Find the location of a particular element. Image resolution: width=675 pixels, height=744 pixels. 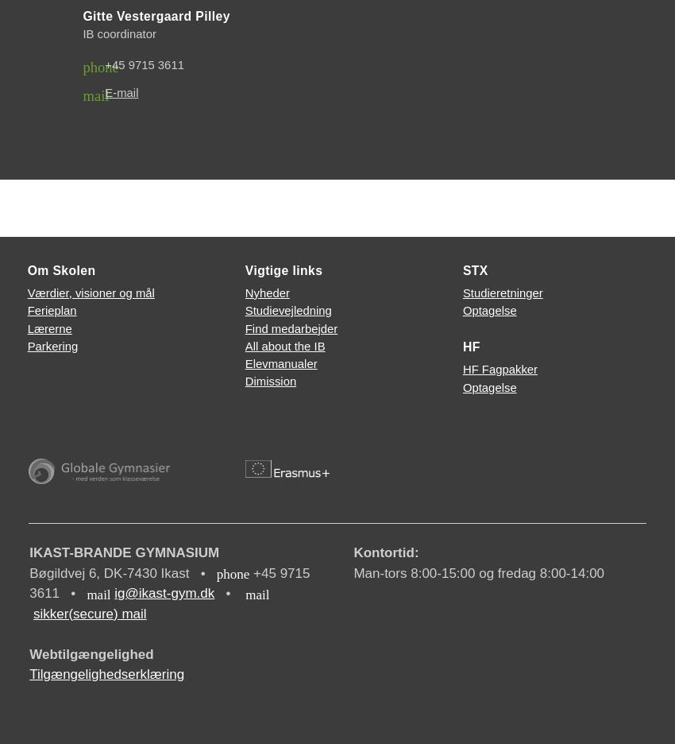

'STX' is located at coordinates (473, 269).